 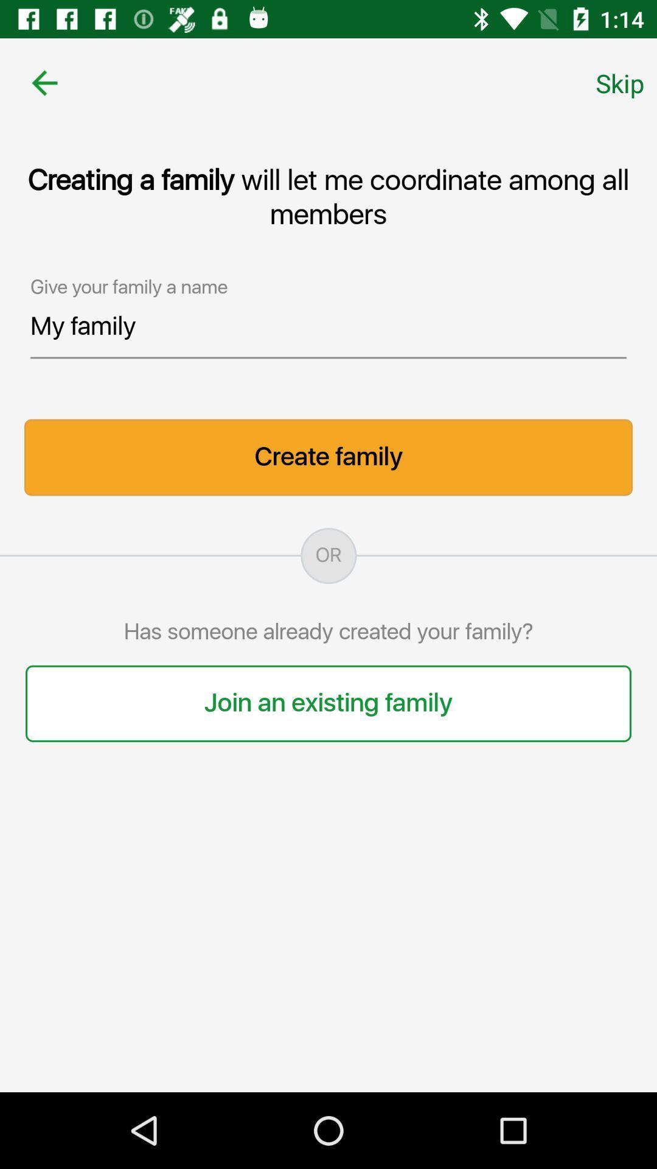 I want to click on has someone already, so click(x=328, y=633).